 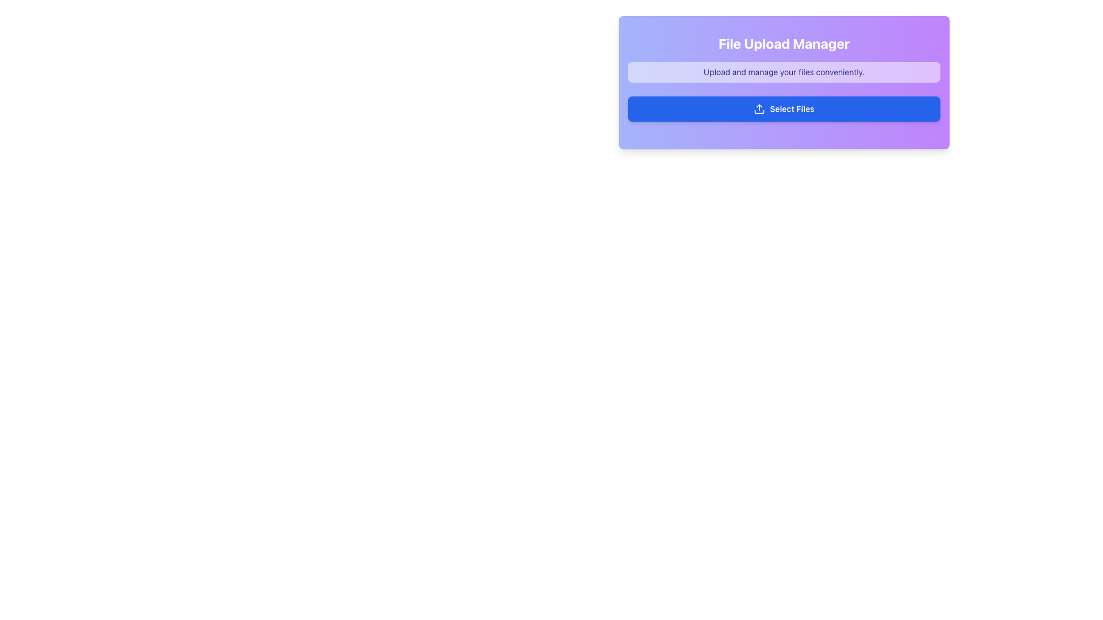 What do you see at coordinates (783, 72) in the screenshot?
I see `the Informational Text Block displaying 'Upload and manage your files conveniently.' which is styled in a small, indigo-colored font and located below the heading 'File Upload Manager'` at bounding box center [783, 72].